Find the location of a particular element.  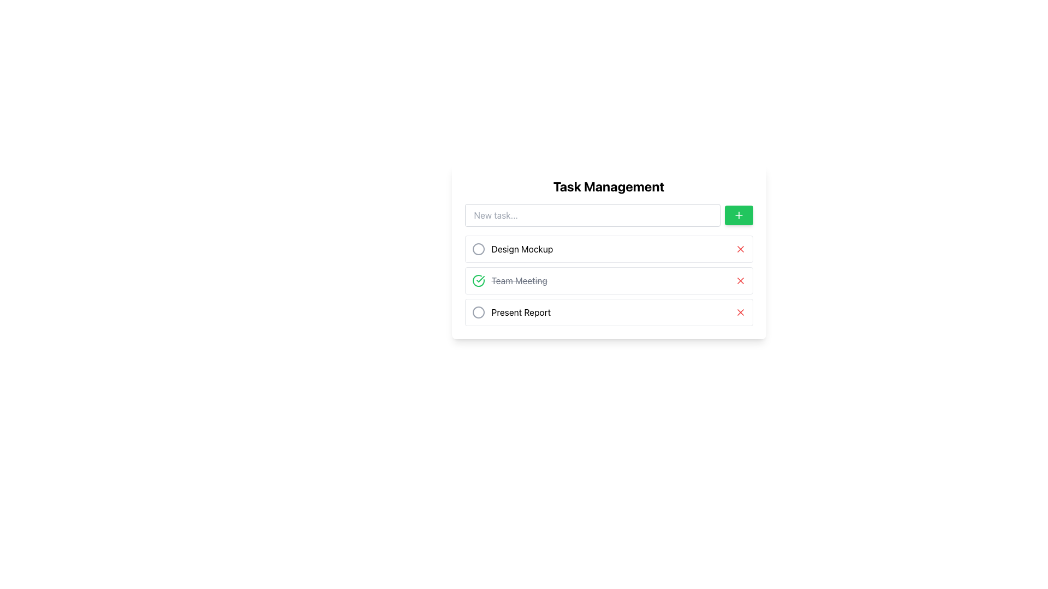

the text label indicating a completed task in the task management interface, which has a gray strikethrough style and is positioned between the 'Design Mockup' and 'Present Report' tasks is located at coordinates (509, 280).